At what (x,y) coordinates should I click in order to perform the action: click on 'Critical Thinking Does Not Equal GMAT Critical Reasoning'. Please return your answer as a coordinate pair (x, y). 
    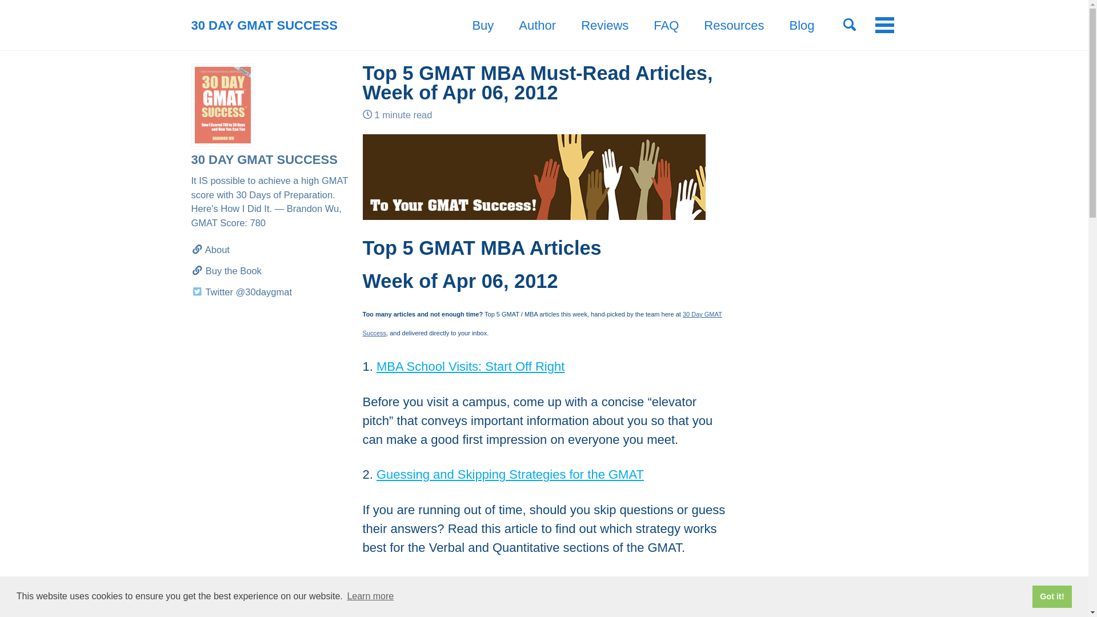
    Looking at the image, I should click on (376, 582).